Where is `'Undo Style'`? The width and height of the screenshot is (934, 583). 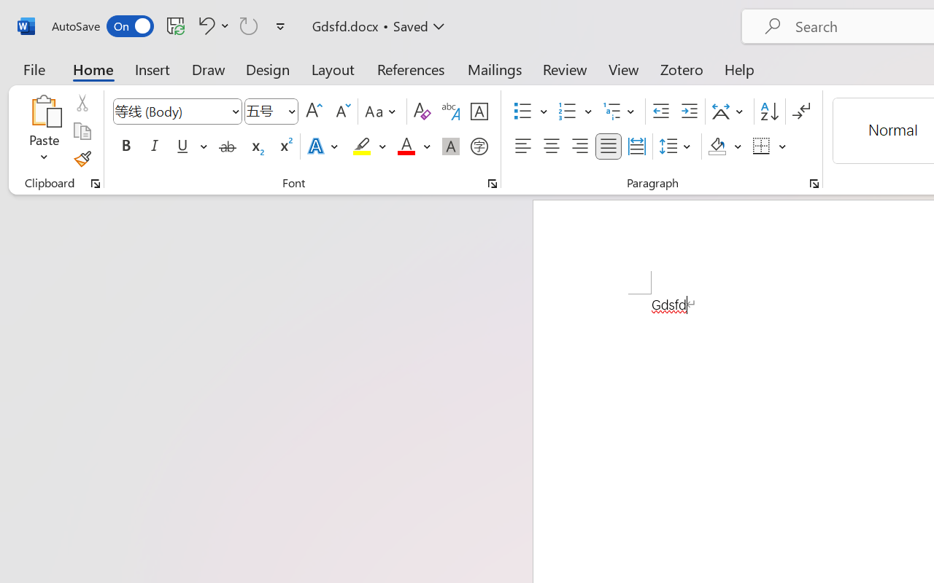 'Undo Style' is located at coordinates (204, 25).